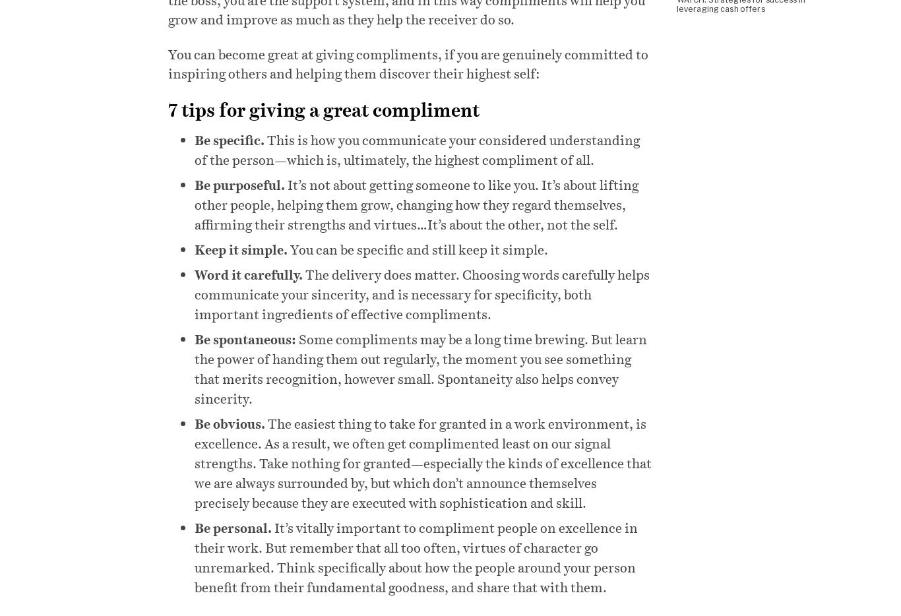  I want to click on 'Be personal.', so click(232, 527).